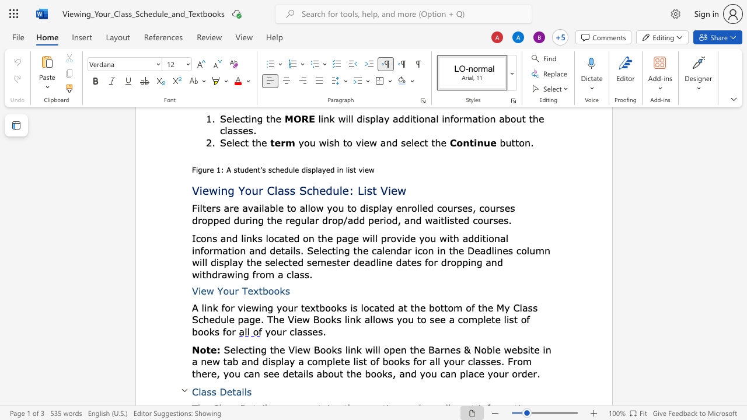  I want to click on the space between the continuous character "o" and "o" in the text, so click(273, 290).